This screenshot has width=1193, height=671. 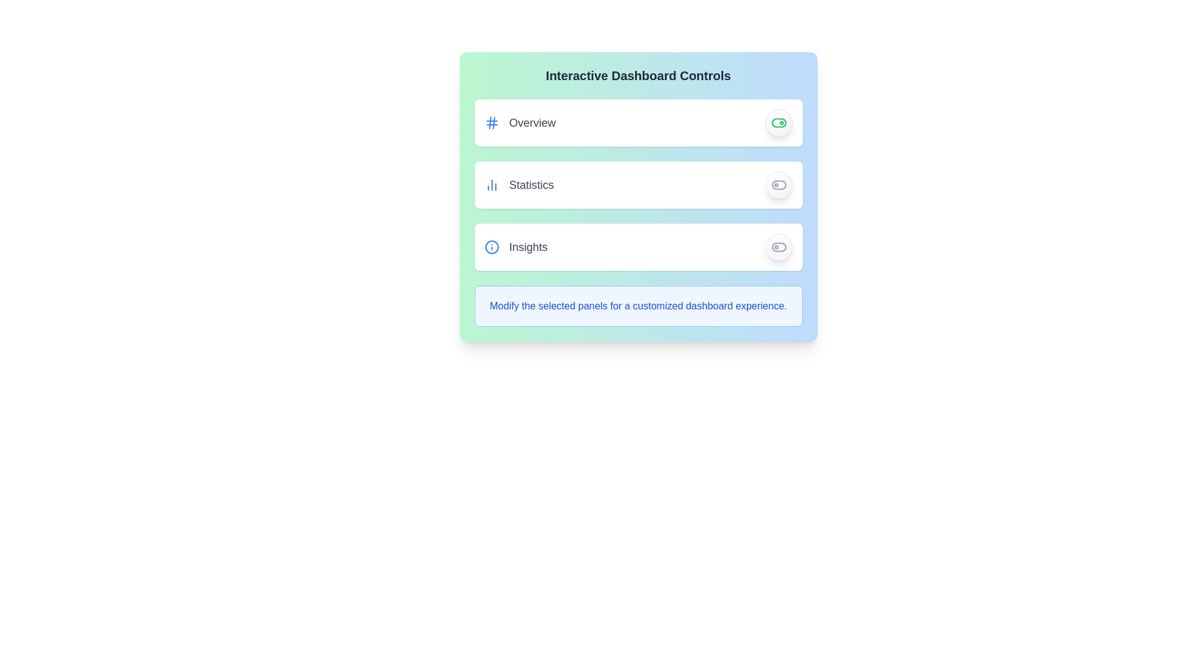 What do you see at coordinates (638, 76) in the screenshot?
I see `the heading that serves as the title of the section, positioned at the top of the panel containing dashboard options such as 'Overview', 'Statistics', and 'Insights'` at bounding box center [638, 76].